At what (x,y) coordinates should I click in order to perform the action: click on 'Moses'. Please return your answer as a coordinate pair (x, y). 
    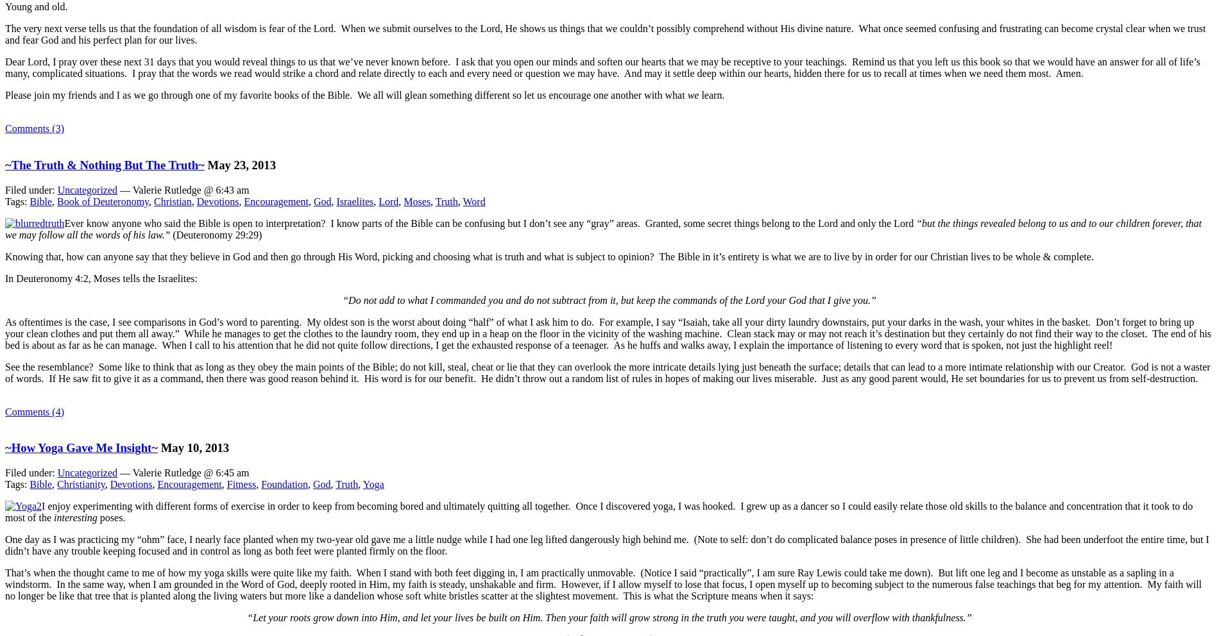
    Looking at the image, I should click on (416, 201).